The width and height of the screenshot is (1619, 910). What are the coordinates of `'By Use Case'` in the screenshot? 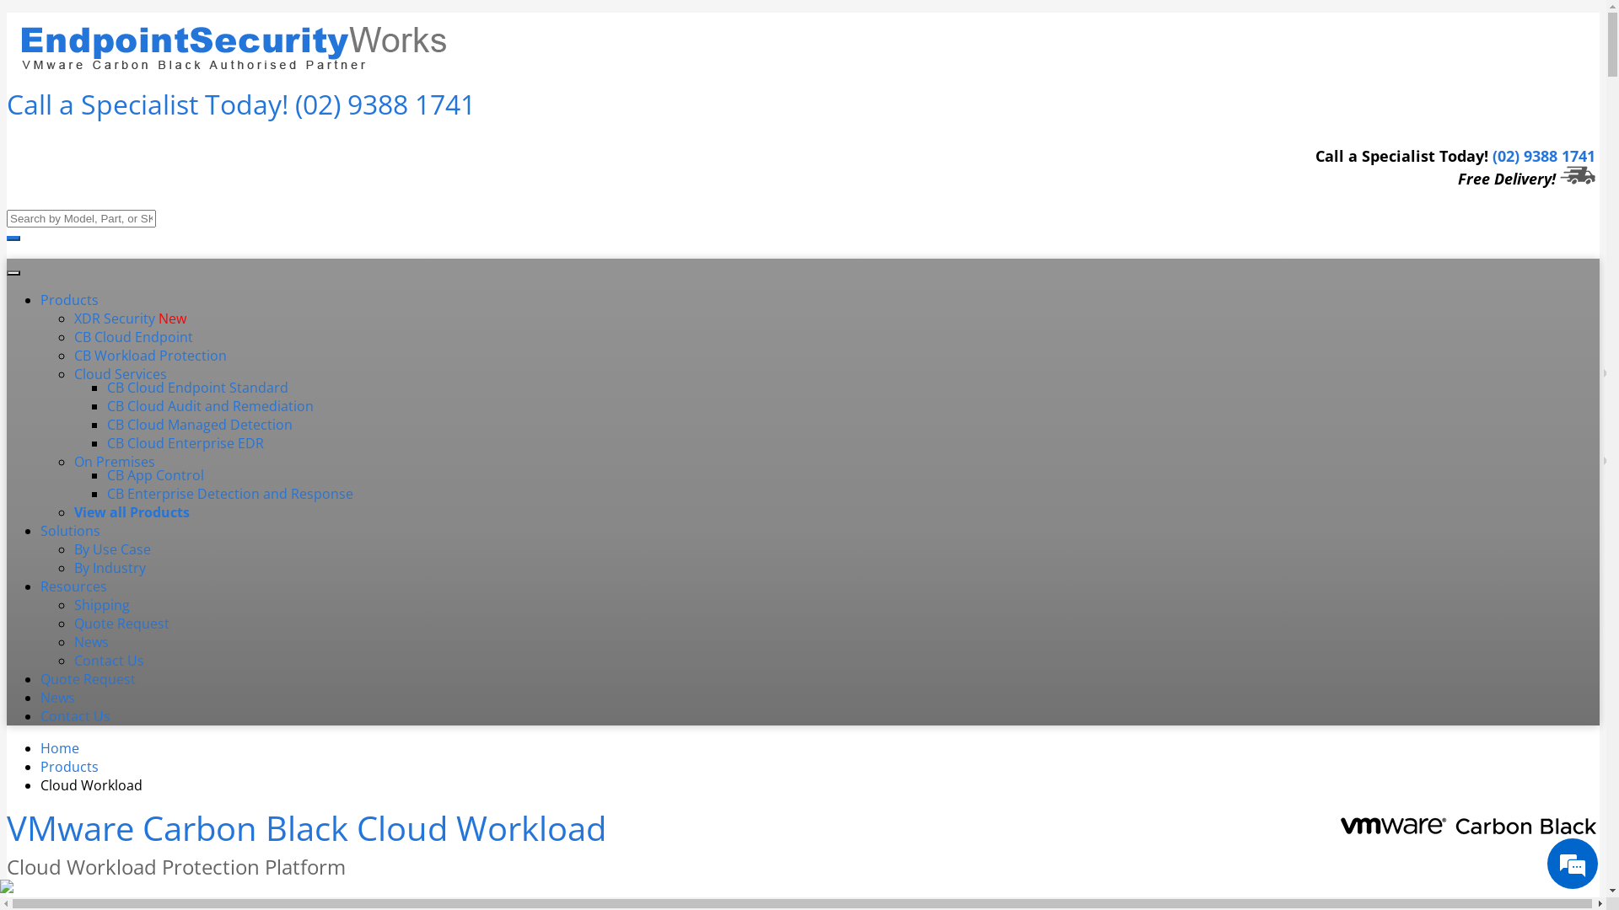 It's located at (111, 549).